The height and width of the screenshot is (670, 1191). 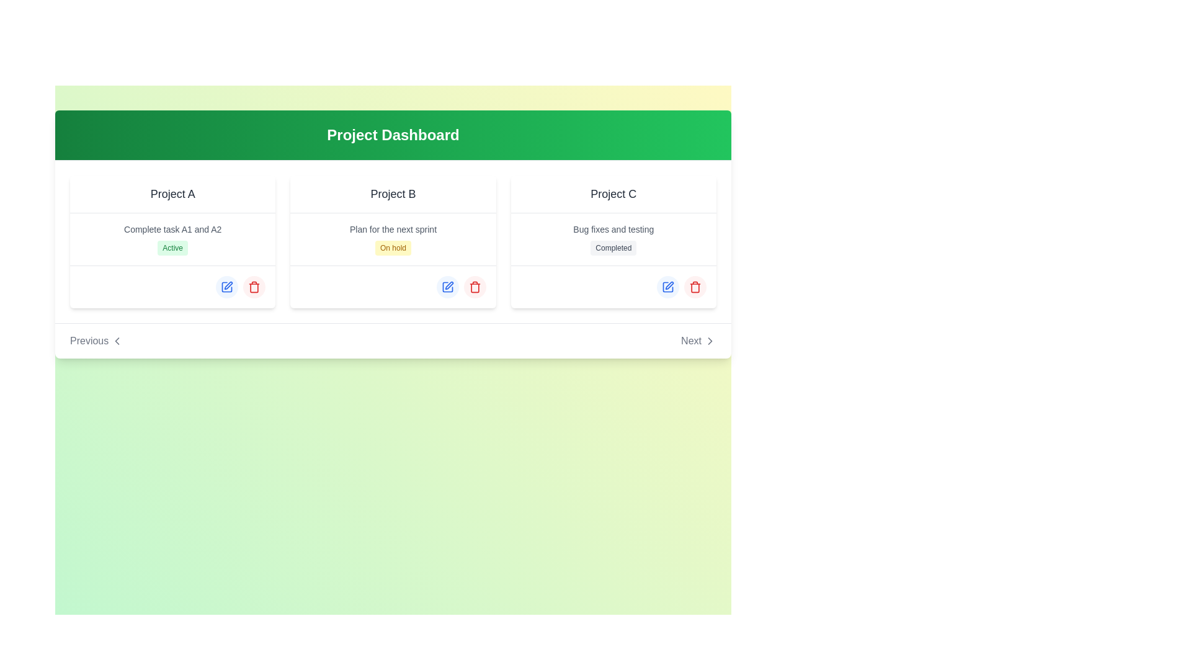 What do you see at coordinates (613, 194) in the screenshot?
I see `the static text label displaying 'Project C' located at the top-center of the third card on the dashboard` at bounding box center [613, 194].